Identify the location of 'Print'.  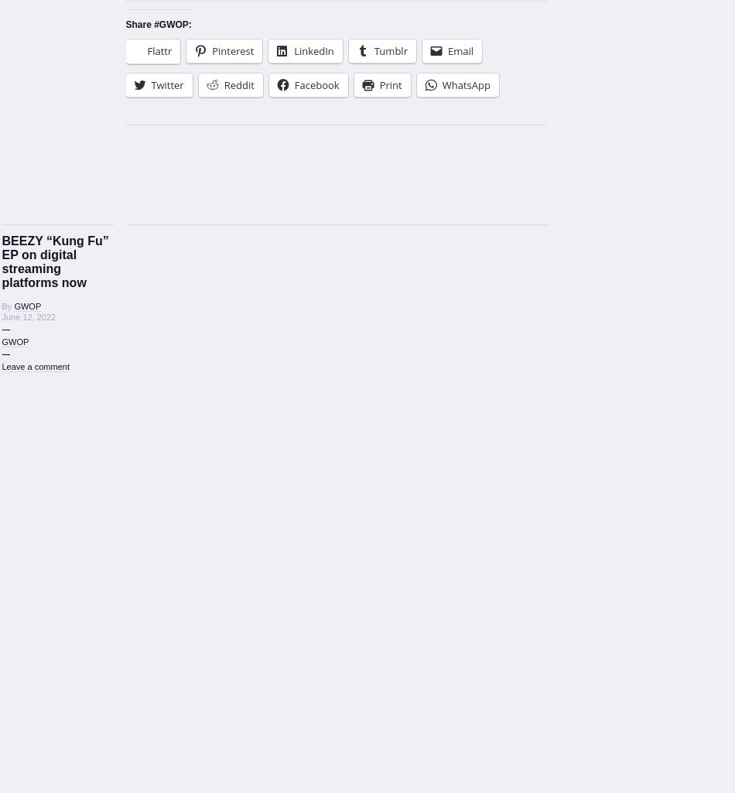
(390, 84).